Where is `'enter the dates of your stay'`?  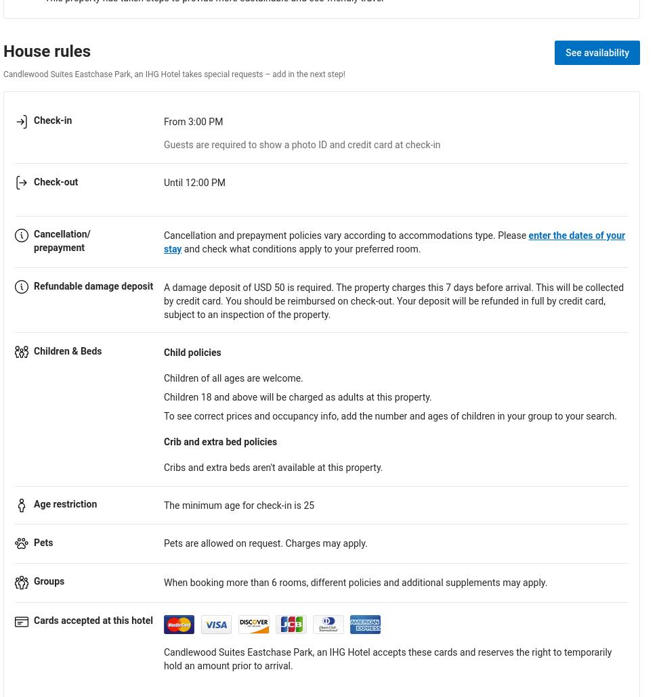
'enter the dates of your stay' is located at coordinates (394, 241).